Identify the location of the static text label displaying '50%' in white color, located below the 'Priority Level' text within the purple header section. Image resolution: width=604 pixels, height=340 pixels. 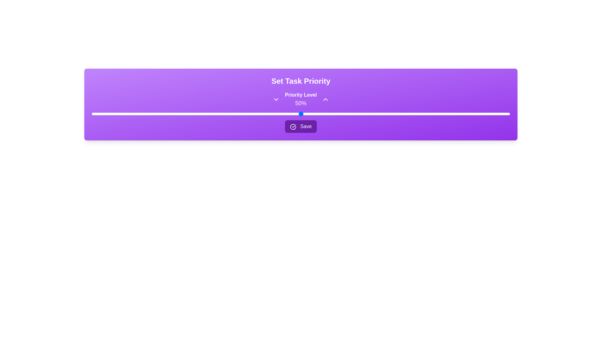
(300, 103).